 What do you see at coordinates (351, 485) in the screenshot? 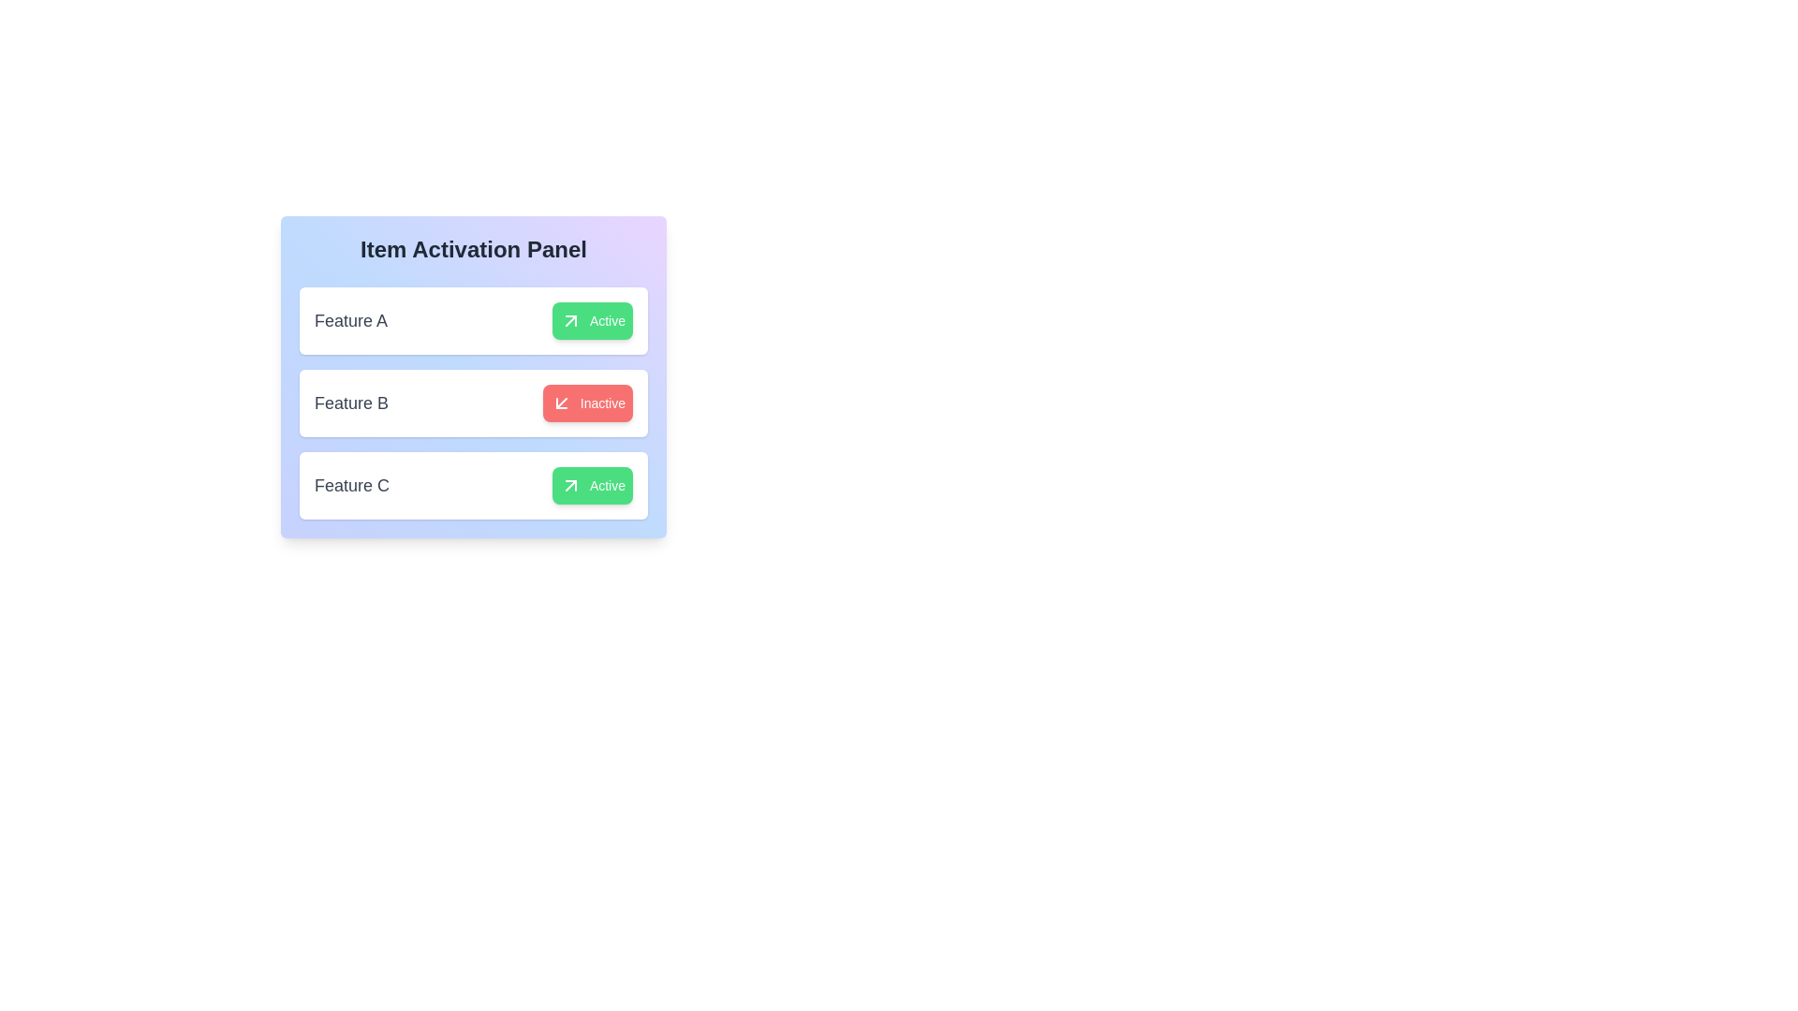
I see `the text of the feature name Feature C` at bounding box center [351, 485].